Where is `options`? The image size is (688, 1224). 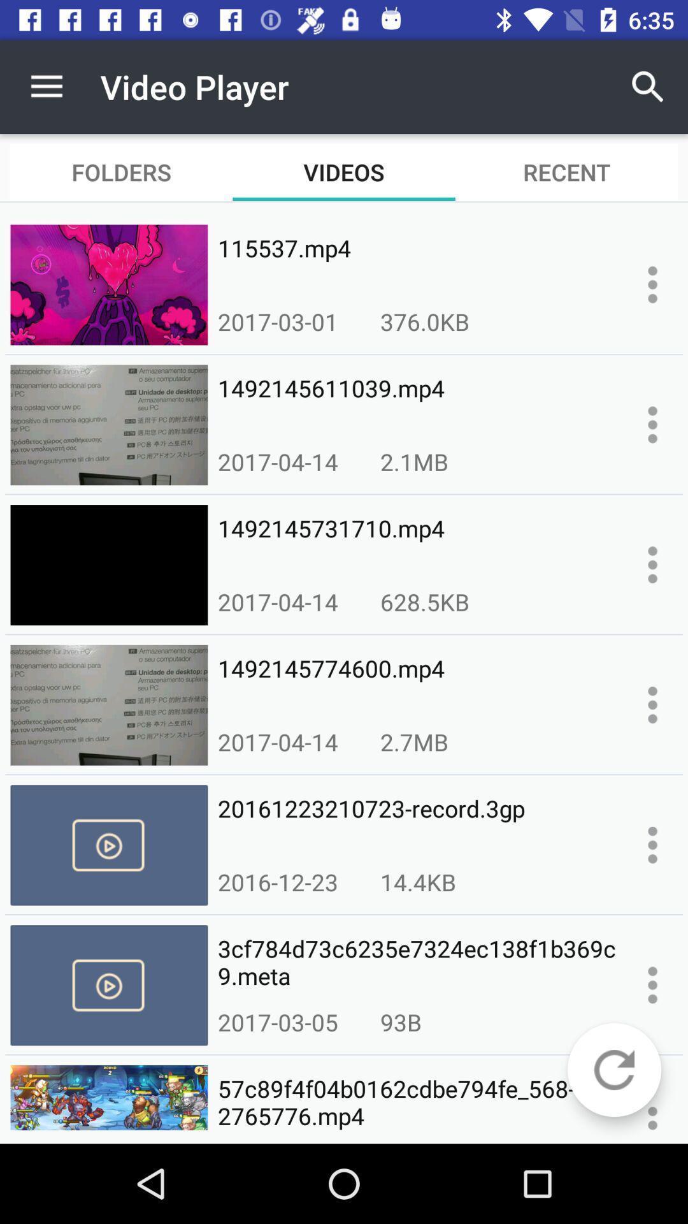 options is located at coordinates (652, 425).